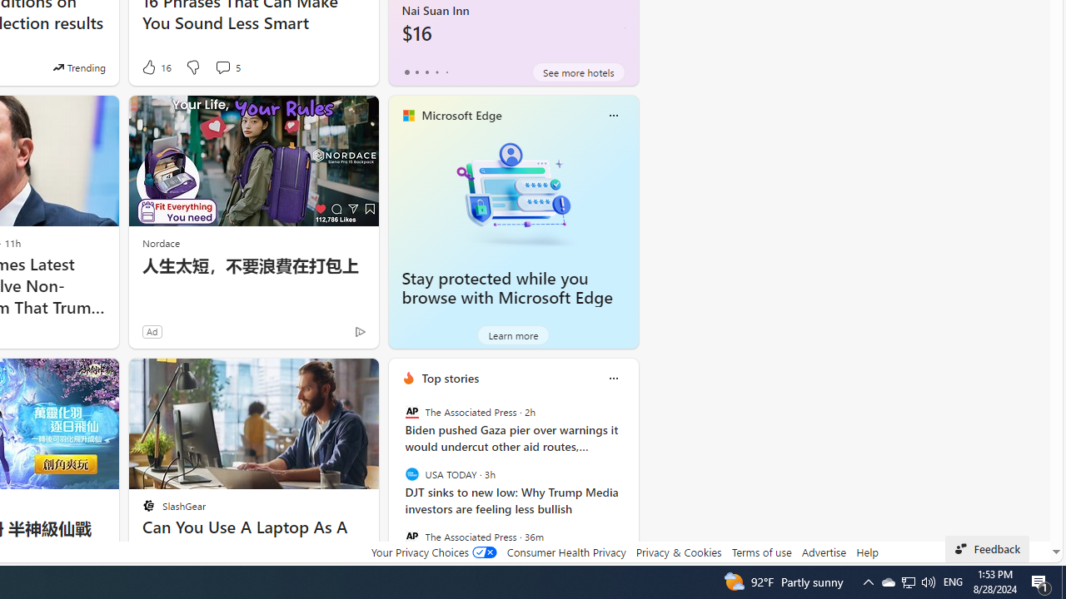 The height and width of the screenshot is (599, 1066). What do you see at coordinates (512, 192) in the screenshot?
I see `'Stay protected while you browse with Microsoft Edge'` at bounding box center [512, 192].